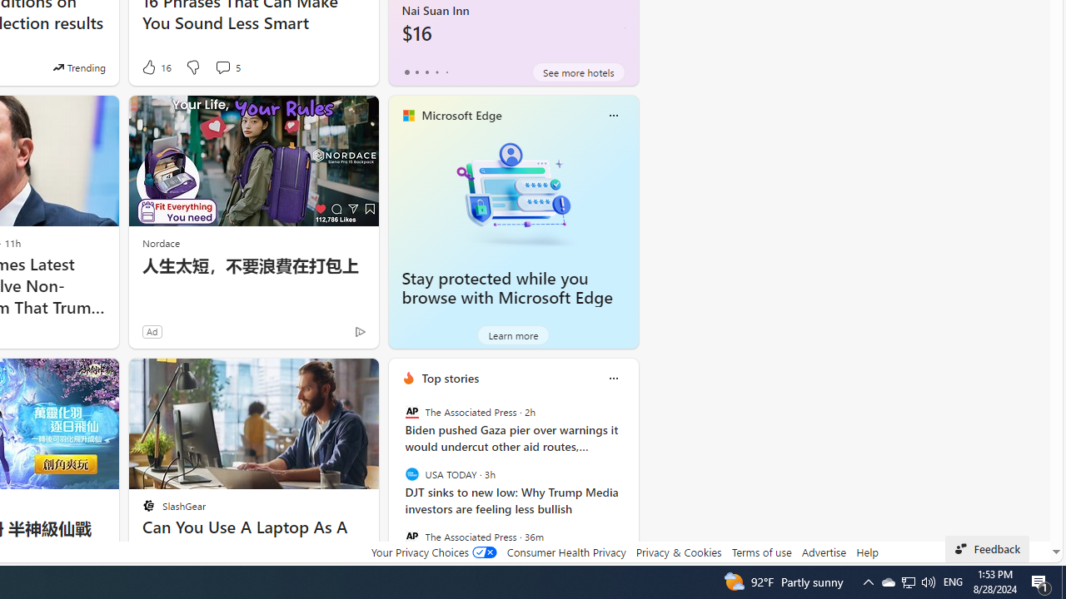 The height and width of the screenshot is (599, 1066). What do you see at coordinates (512, 192) in the screenshot?
I see `'Stay protected while you browse with Microsoft Edge'` at bounding box center [512, 192].